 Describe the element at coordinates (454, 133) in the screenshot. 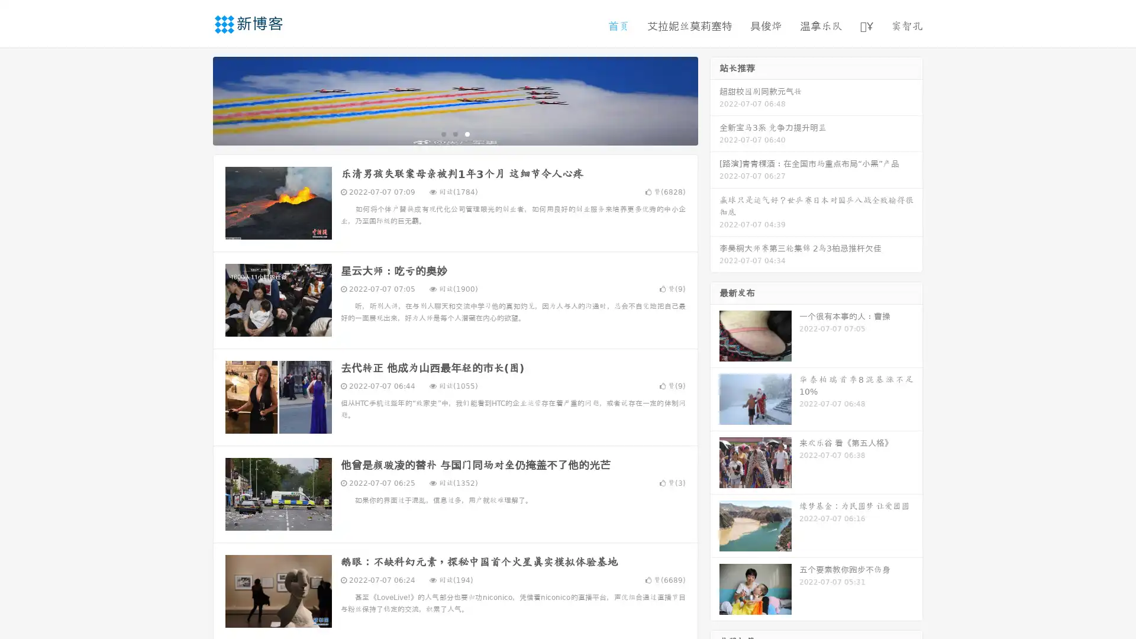

I see `Go to slide 2` at that location.